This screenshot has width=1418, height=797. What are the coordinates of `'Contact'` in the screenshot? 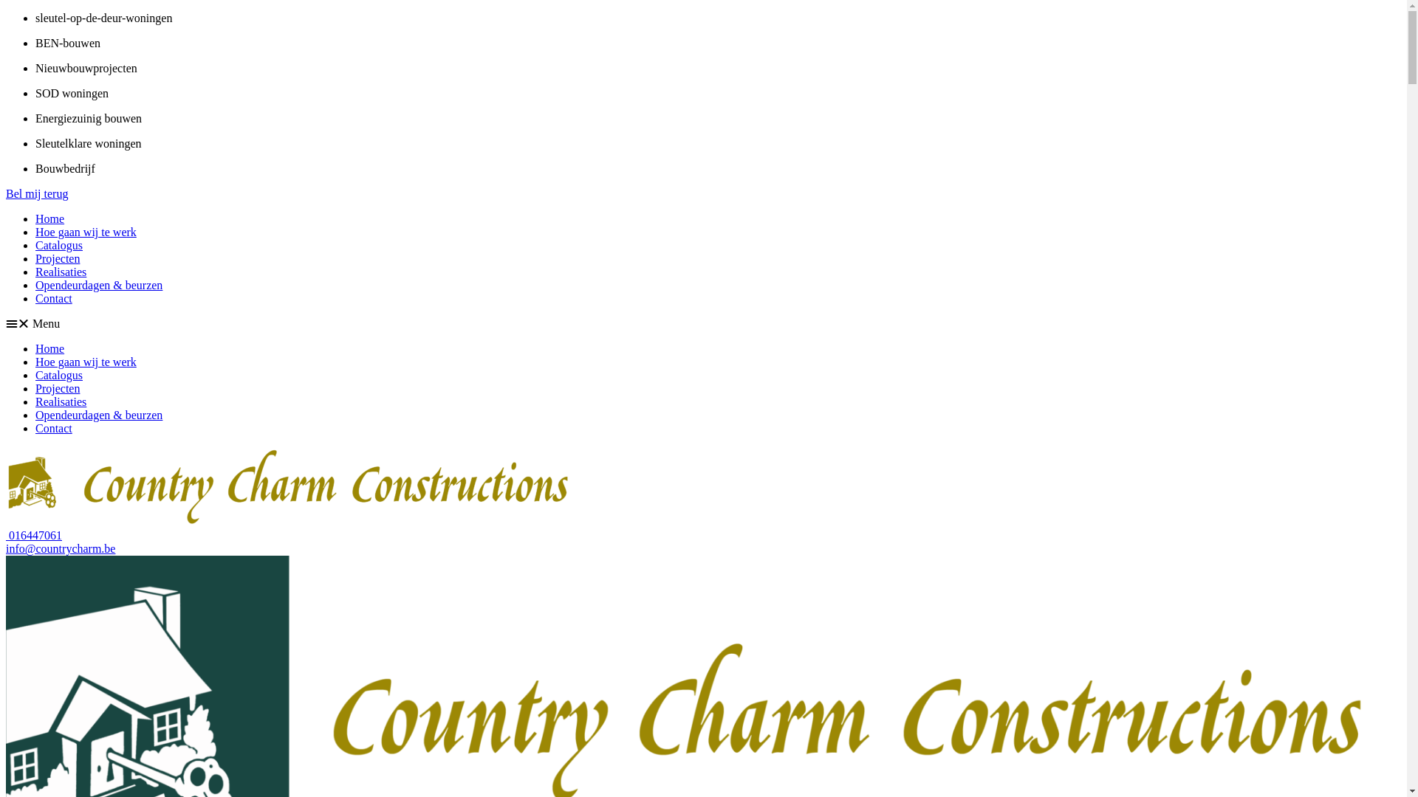 It's located at (35, 428).